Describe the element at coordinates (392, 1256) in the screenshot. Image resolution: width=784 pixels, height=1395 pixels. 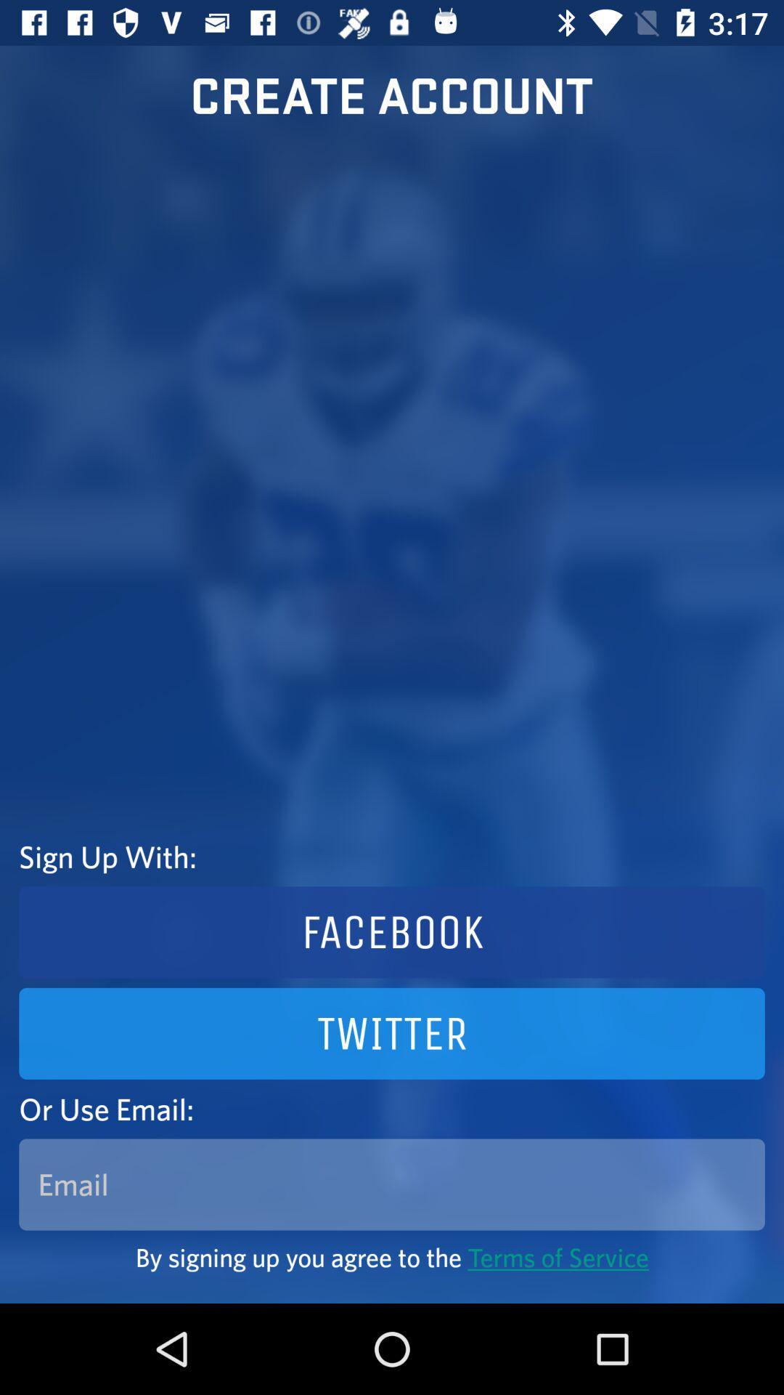
I see `item below the email` at that location.